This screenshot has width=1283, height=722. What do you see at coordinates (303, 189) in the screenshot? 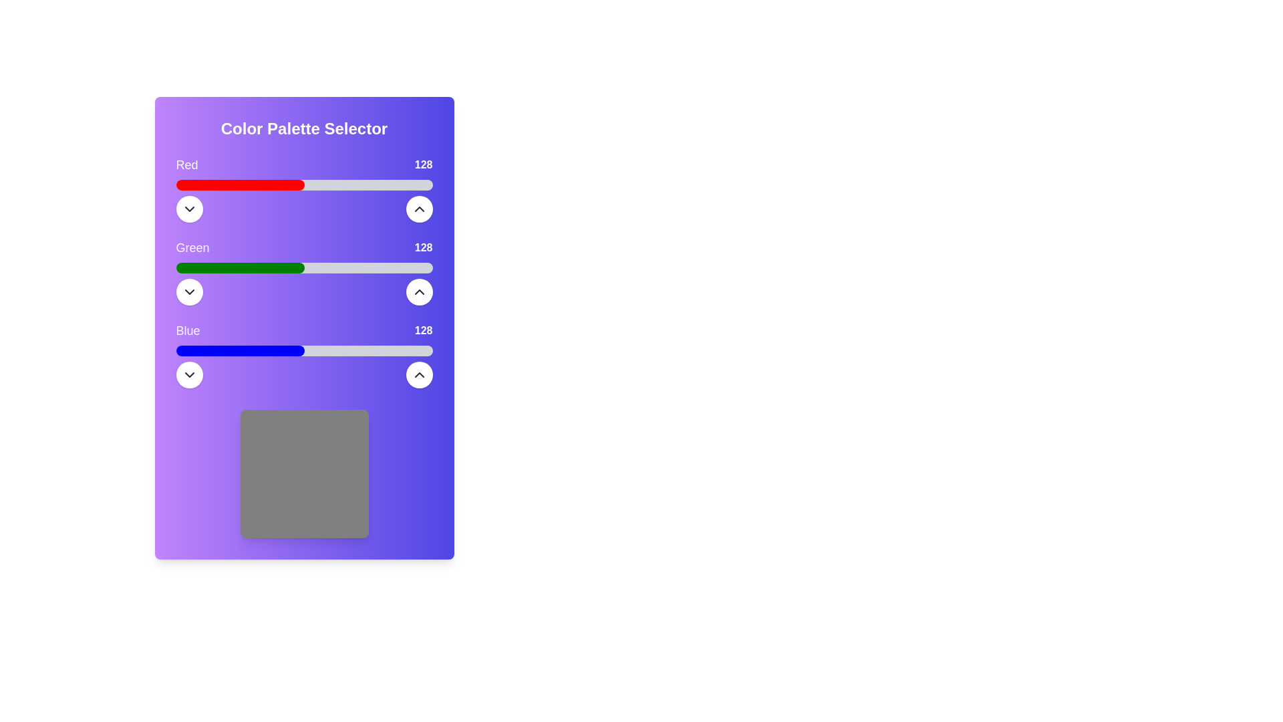
I see `the red progress bar labeled 'Red' with the value '128' and the associated controls below it in the 'Color Palette Selector' section` at bounding box center [303, 189].